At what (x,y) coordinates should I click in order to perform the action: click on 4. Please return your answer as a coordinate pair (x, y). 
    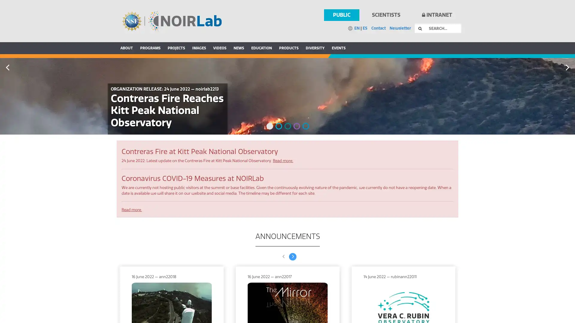
    Looking at the image, I should click on (296, 184).